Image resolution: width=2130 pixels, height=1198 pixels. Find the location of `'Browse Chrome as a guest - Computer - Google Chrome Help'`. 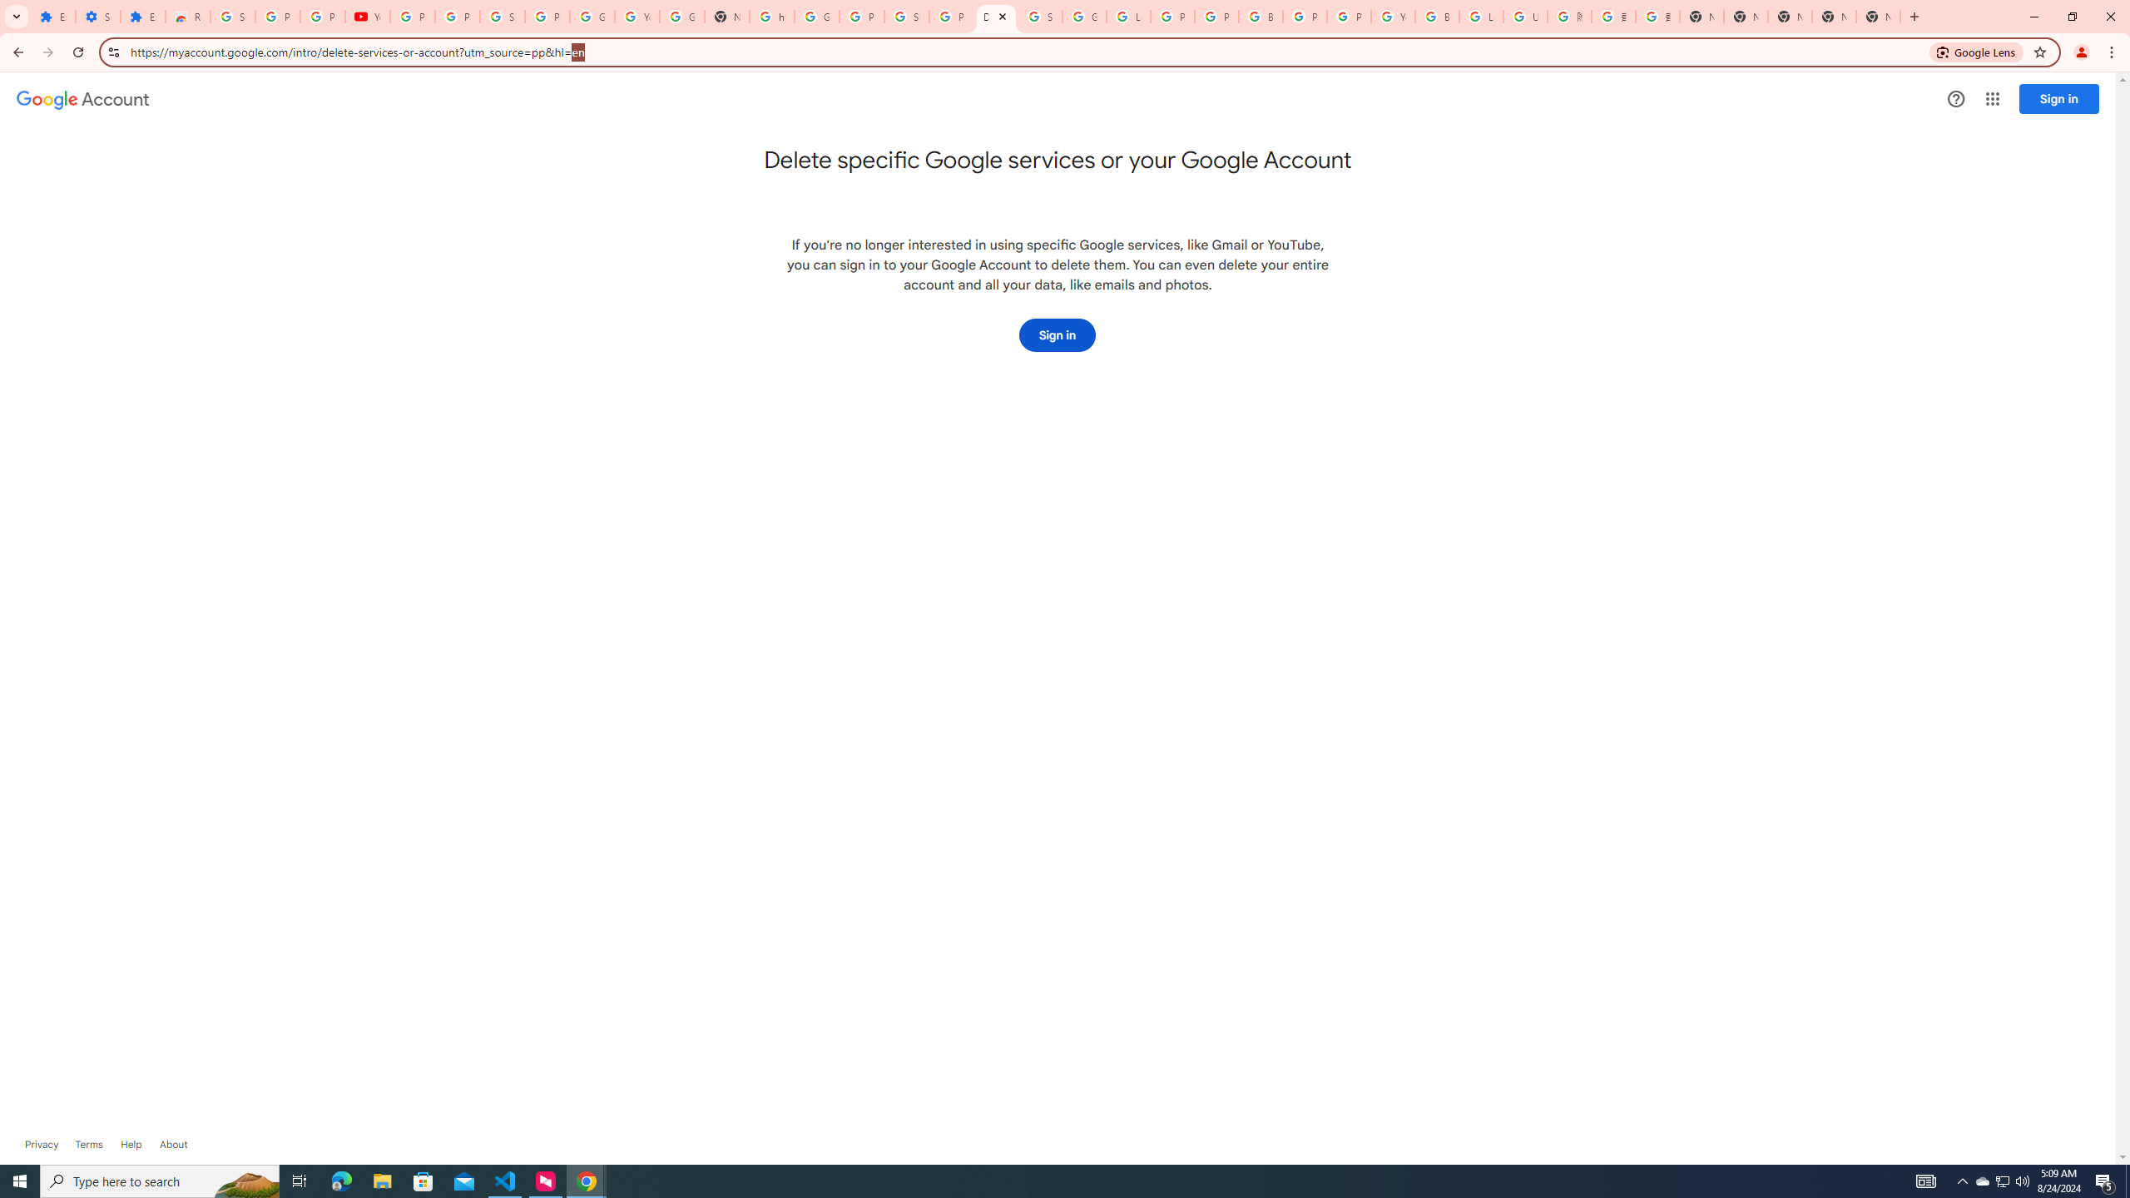

'Browse Chrome as a guest - Computer - Google Chrome Help' is located at coordinates (1438, 16).